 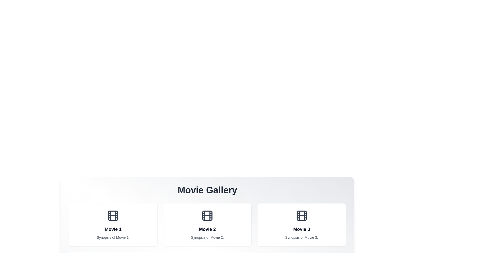 I want to click on the decorative visual element, a small rectangle with rounded corners, located centrally within the film reel icon for the 'Movie 2' item in the movie gallery interface, so click(x=207, y=215).